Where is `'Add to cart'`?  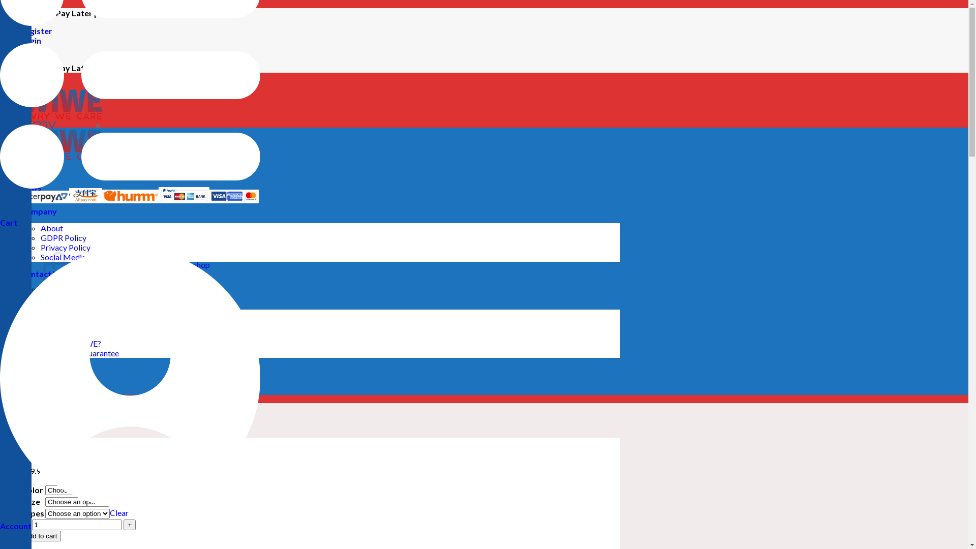 'Add to cart' is located at coordinates (41, 535).